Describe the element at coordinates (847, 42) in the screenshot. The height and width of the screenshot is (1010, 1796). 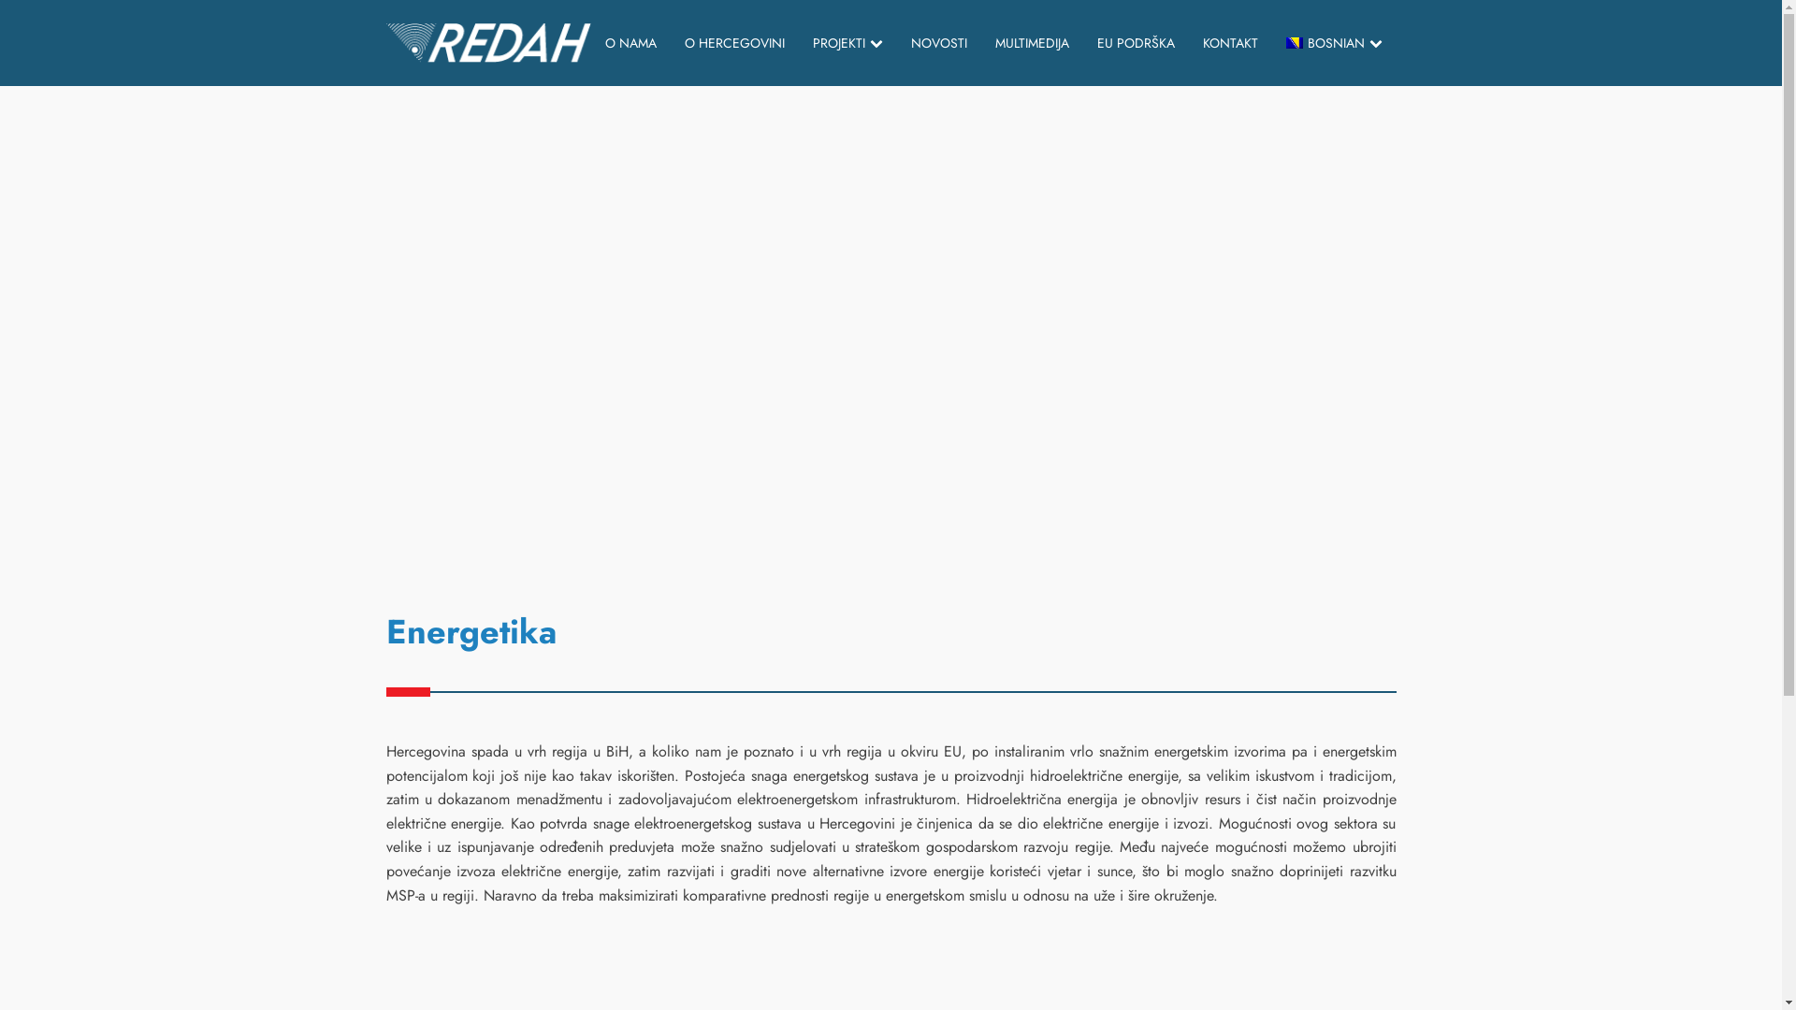
I see `'PROJEKTI'` at that location.